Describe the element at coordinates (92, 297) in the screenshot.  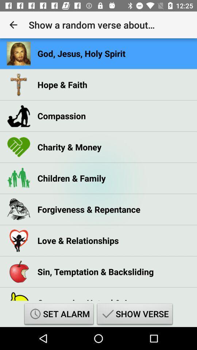
I see `icon above set alarm` at that location.